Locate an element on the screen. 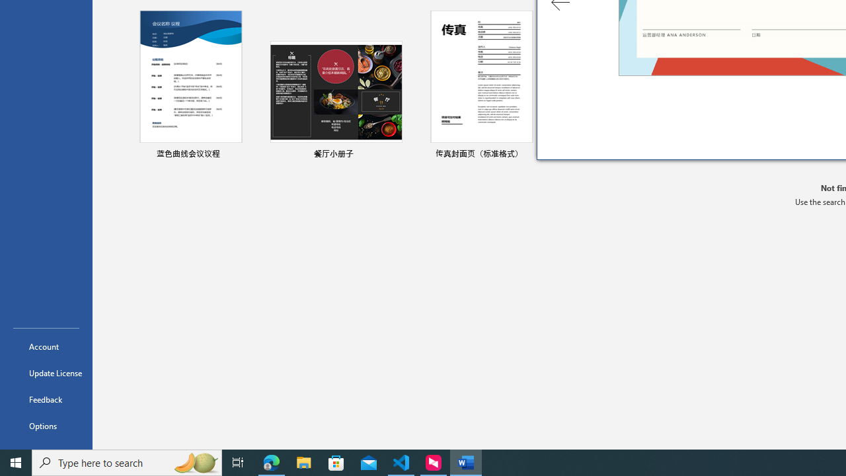 This screenshot has height=476, width=846. 'Feedback' is located at coordinates (46, 399).